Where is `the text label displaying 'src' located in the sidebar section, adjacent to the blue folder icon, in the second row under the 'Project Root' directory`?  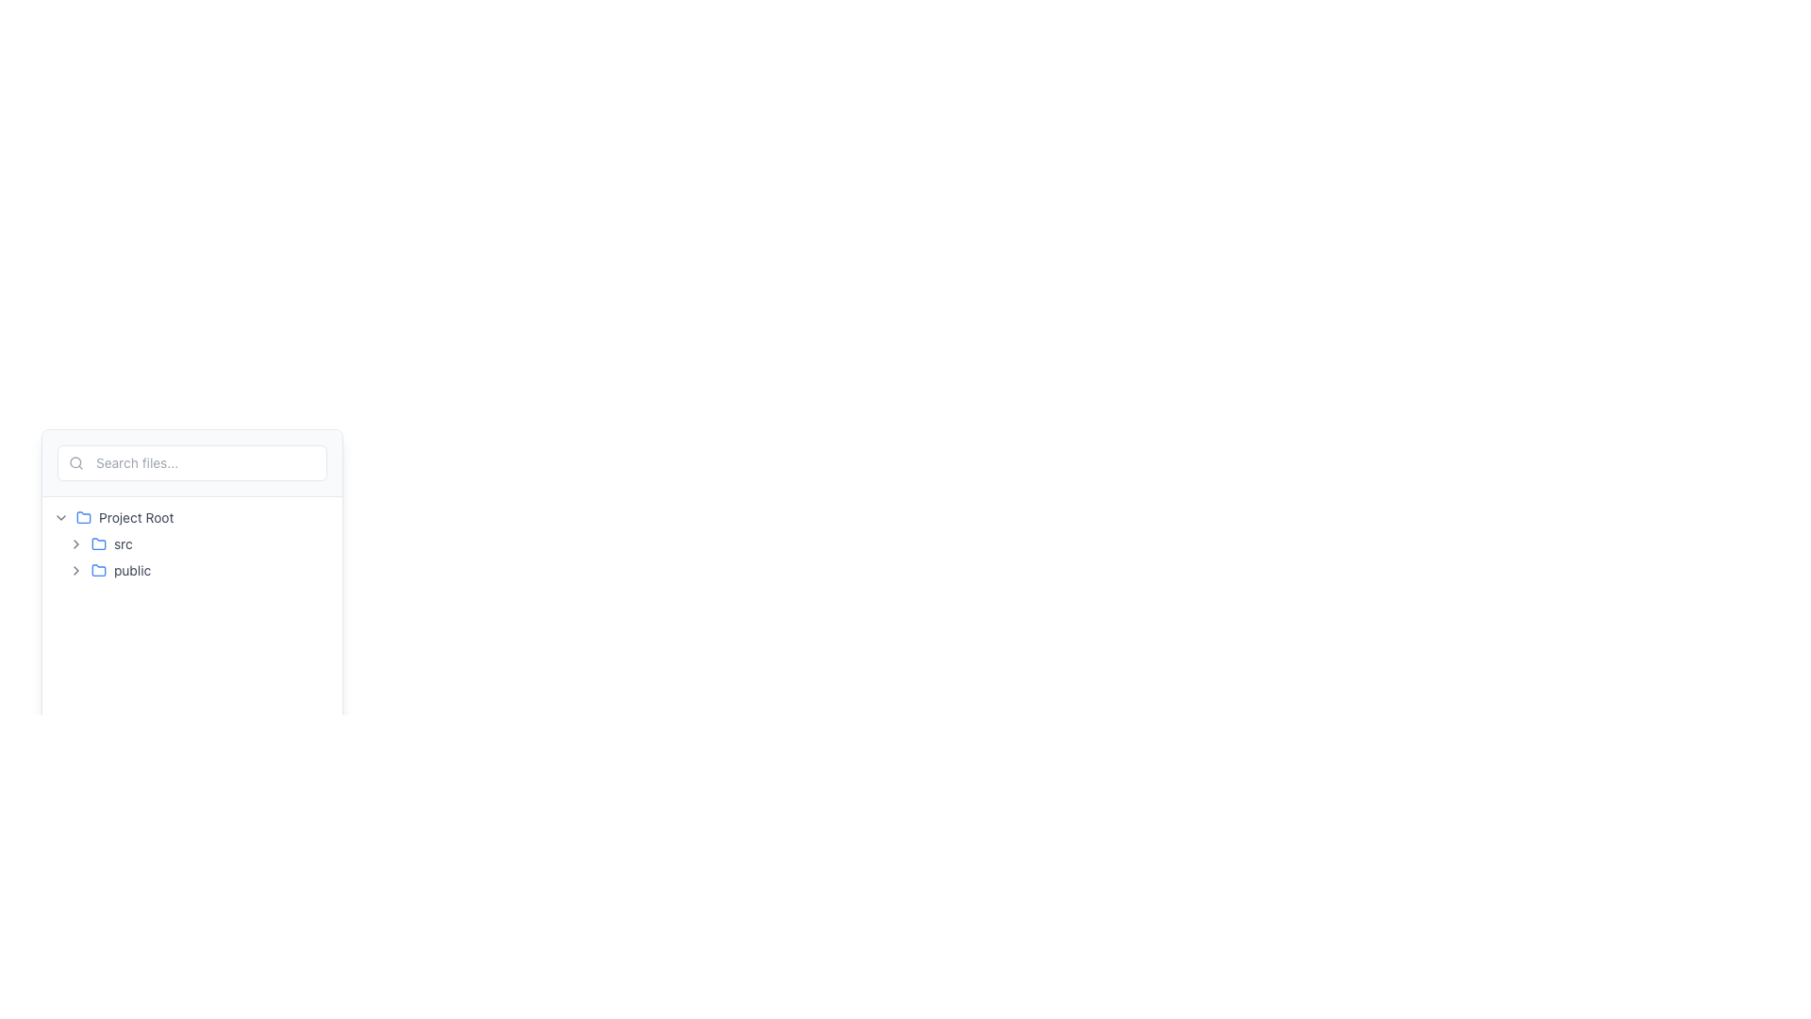
the text label displaying 'src' located in the sidebar section, adjacent to the blue folder icon, in the second row under the 'Project Root' directory is located at coordinates (99, 544).